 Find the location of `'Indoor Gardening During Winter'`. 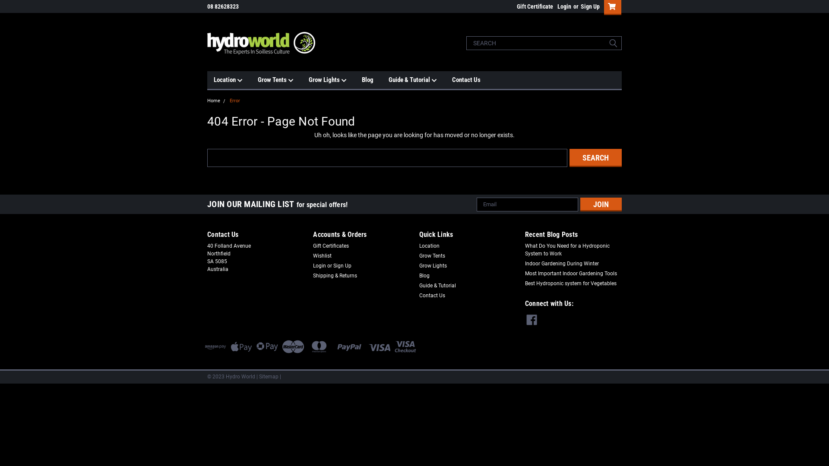

'Indoor Gardening During Winter' is located at coordinates (562, 263).